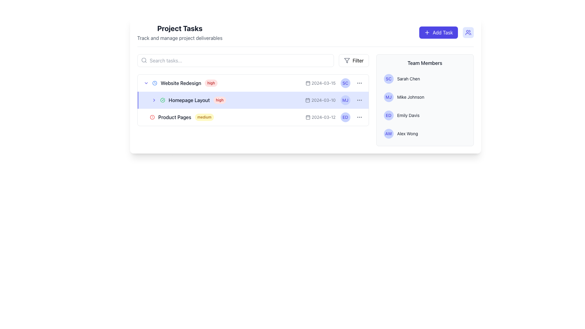  What do you see at coordinates (347, 61) in the screenshot?
I see `the 'Filter' button located` at bounding box center [347, 61].